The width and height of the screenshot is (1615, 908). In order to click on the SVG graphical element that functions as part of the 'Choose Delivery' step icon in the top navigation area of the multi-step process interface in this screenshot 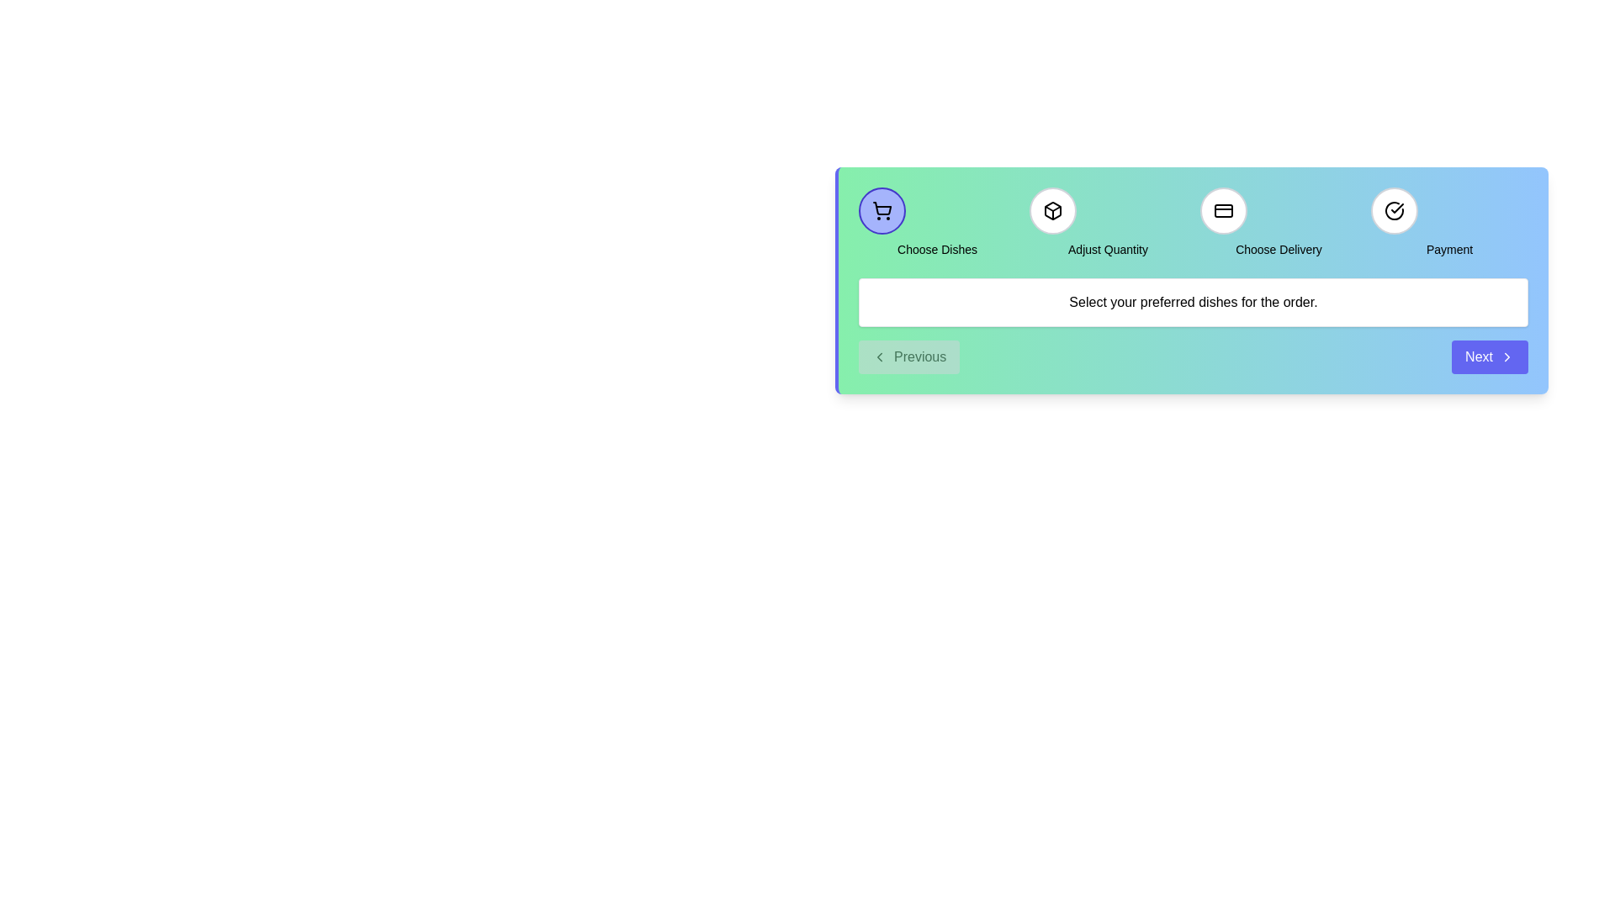, I will do `click(1223, 209)`.